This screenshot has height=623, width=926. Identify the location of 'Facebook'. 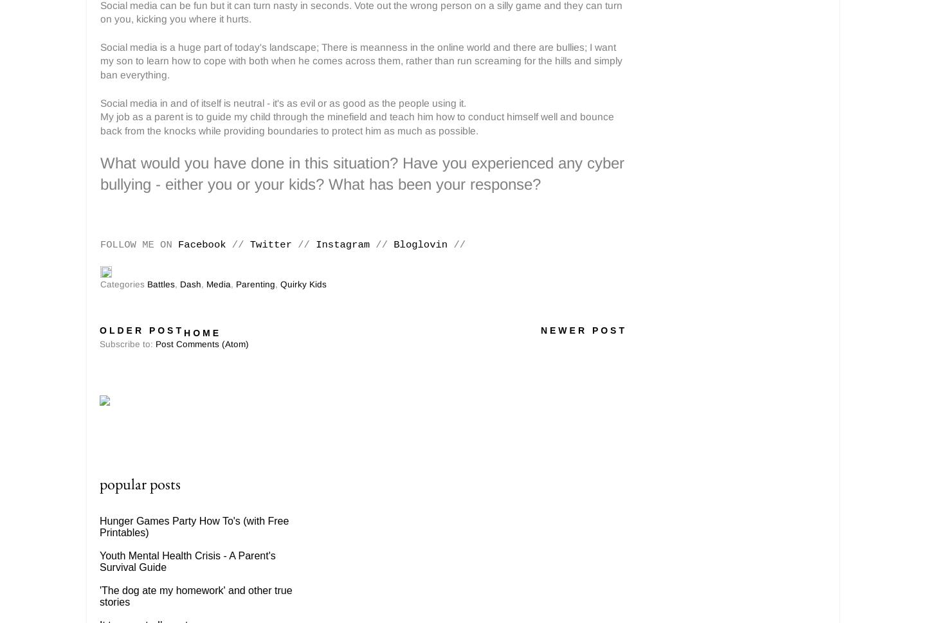
(202, 245).